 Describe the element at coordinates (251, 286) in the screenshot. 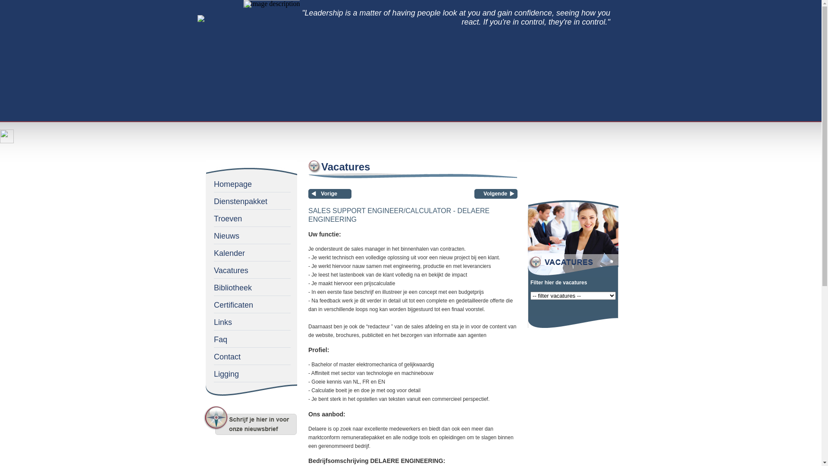

I see `'Bibliotheek'` at that location.